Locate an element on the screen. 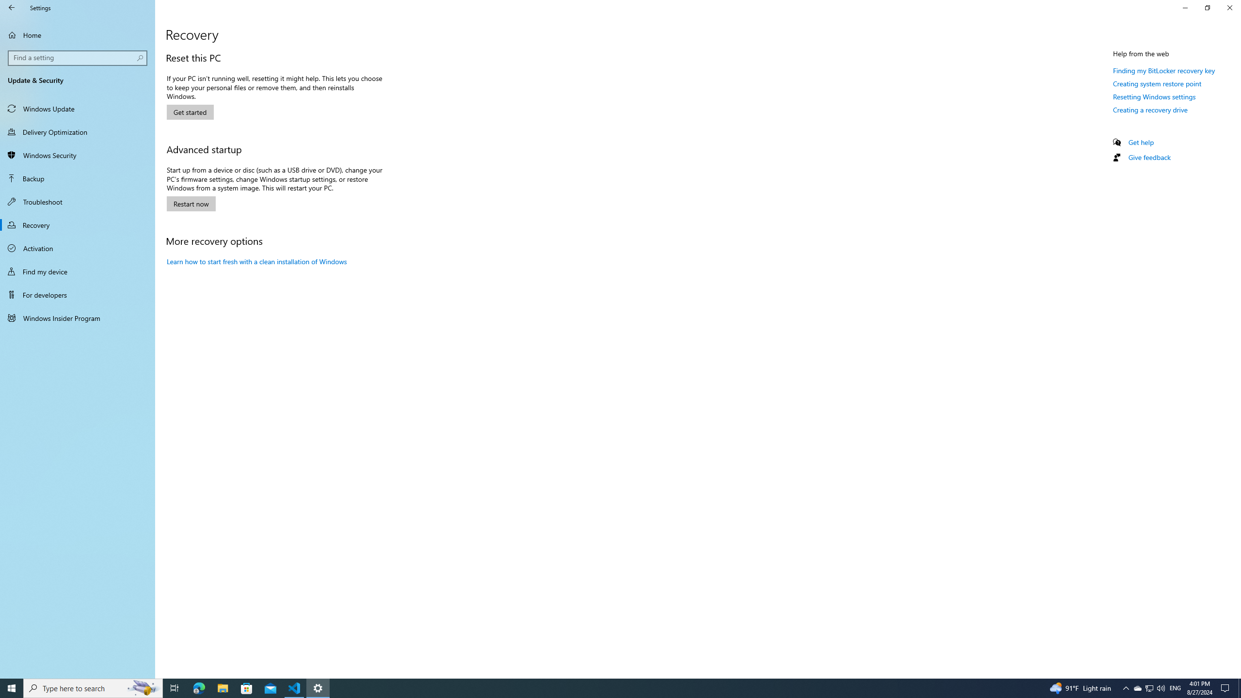 This screenshot has width=1241, height=698. 'Creating system restore point' is located at coordinates (1157, 83).